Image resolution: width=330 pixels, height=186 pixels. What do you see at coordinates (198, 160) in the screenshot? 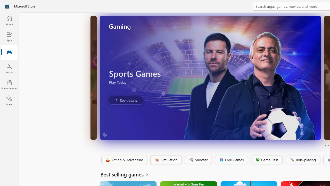
I see `'Shooter'` at bounding box center [198, 160].